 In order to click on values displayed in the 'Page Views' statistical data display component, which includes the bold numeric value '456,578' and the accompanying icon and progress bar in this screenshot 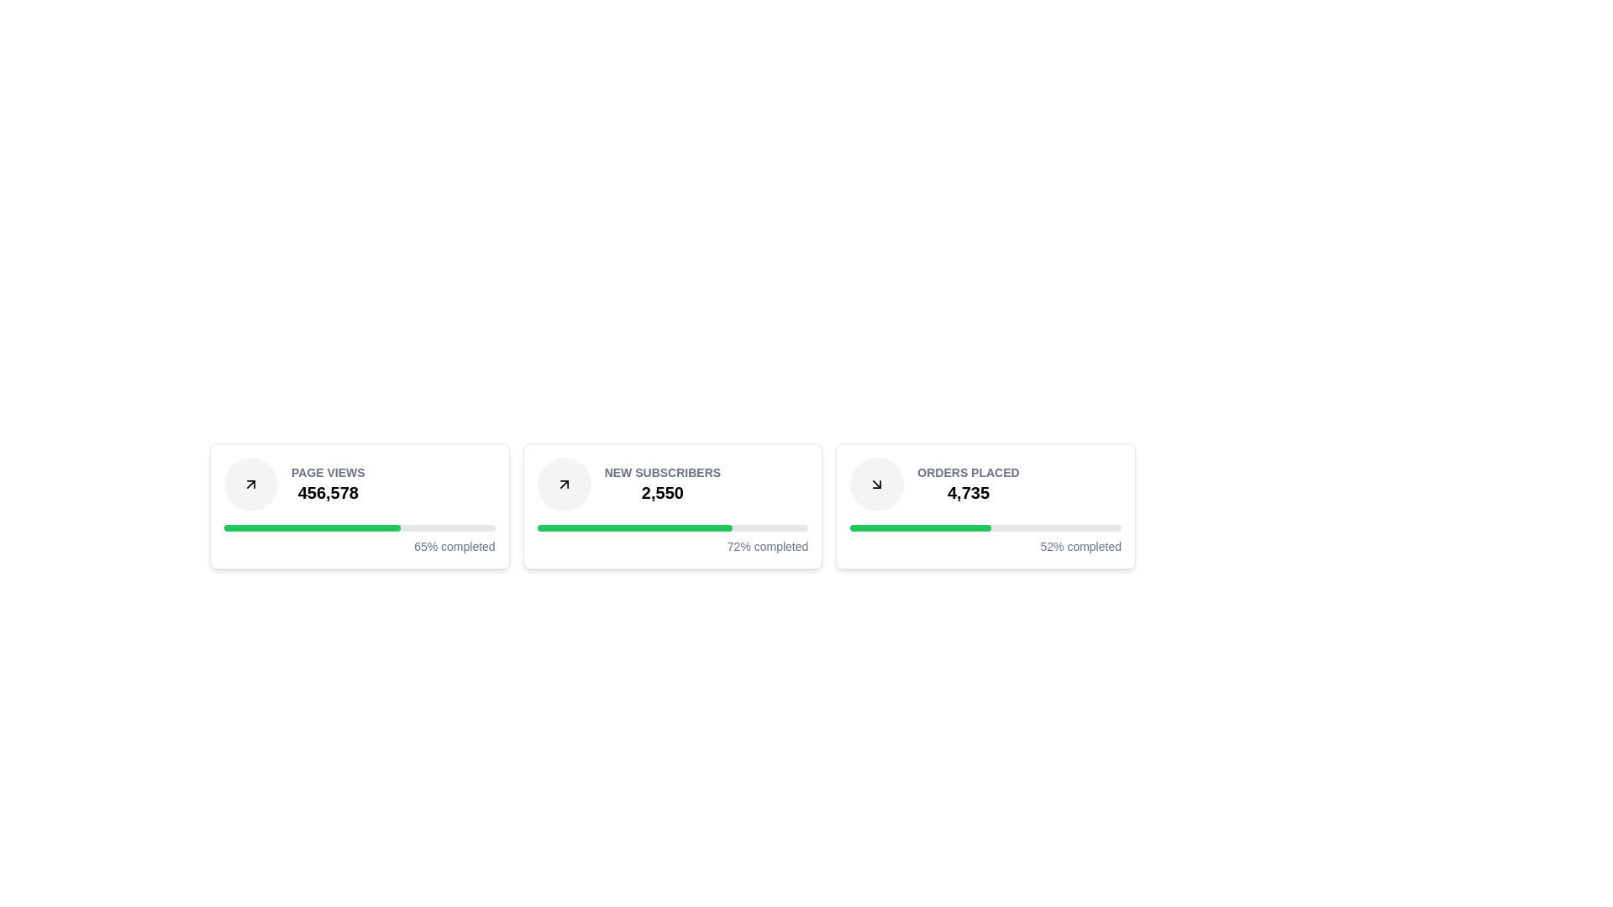, I will do `click(359, 485)`.